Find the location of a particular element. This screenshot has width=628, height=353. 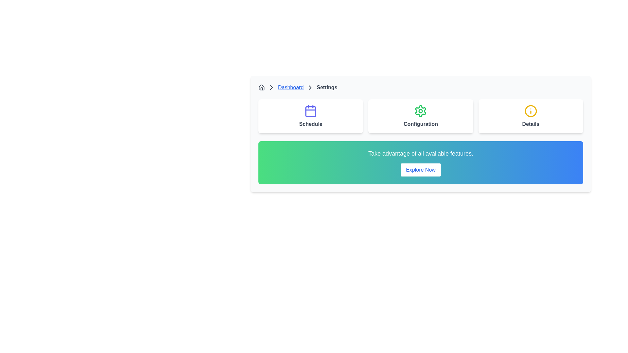

the 'Explore Now' button, which is a rectangular button with a white background and blue text is located at coordinates (421, 170).